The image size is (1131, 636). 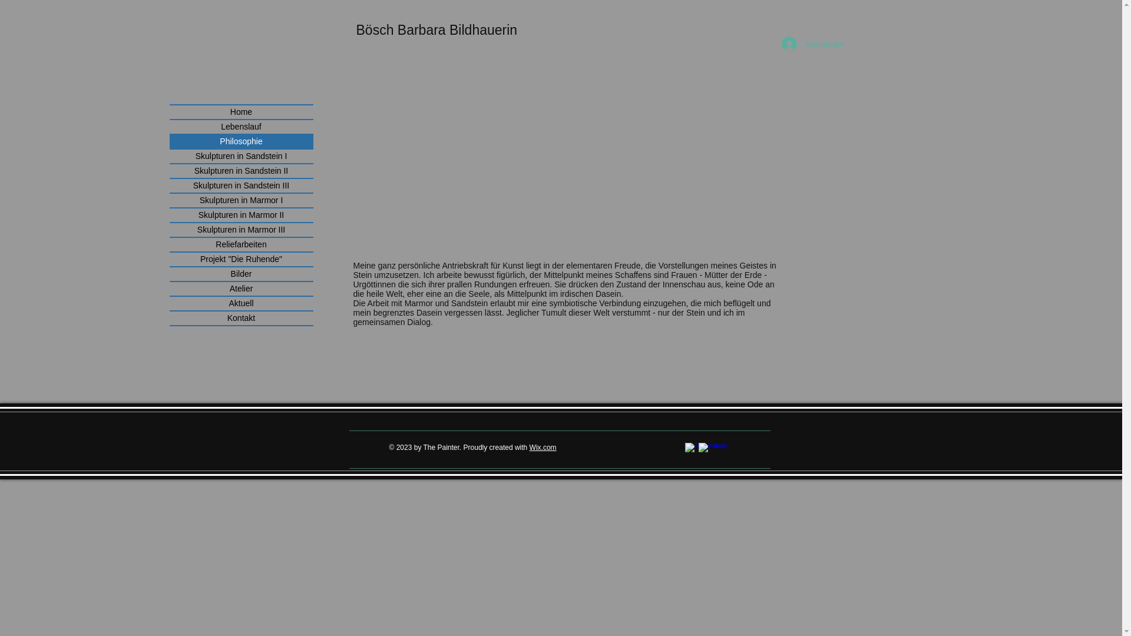 What do you see at coordinates (240, 127) in the screenshot?
I see `'Lebenslauf'` at bounding box center [240, 127].